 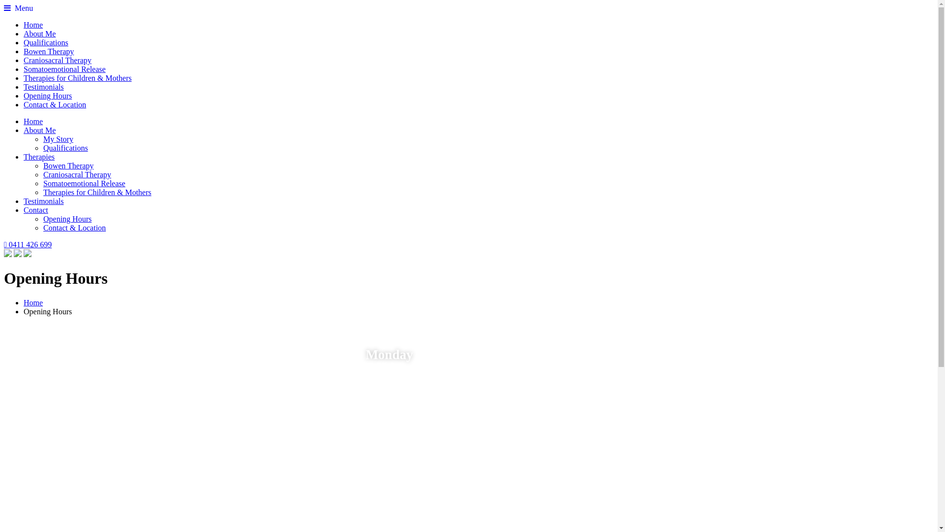 What do you see at coordinates (43, 86) in the screenshot?
I see `'Testimonials'` at bounding box center [43, 86].